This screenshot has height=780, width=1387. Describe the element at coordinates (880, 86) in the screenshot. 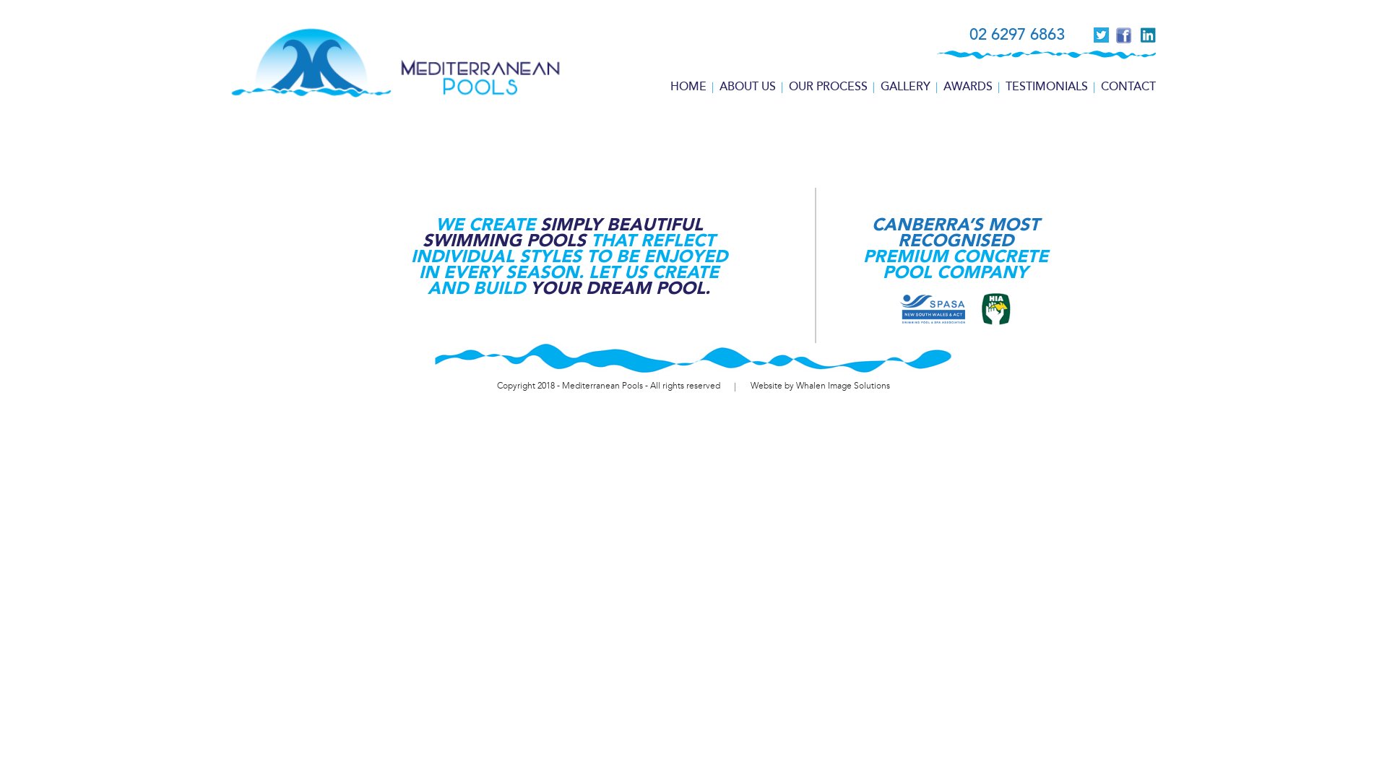

I see `'GALLERY'` at that location.